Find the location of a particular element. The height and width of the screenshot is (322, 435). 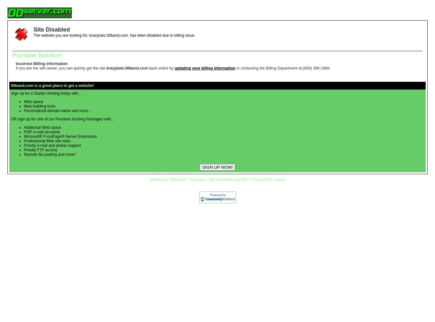

'Privacy Policy' is located at coordinates (262, 179).